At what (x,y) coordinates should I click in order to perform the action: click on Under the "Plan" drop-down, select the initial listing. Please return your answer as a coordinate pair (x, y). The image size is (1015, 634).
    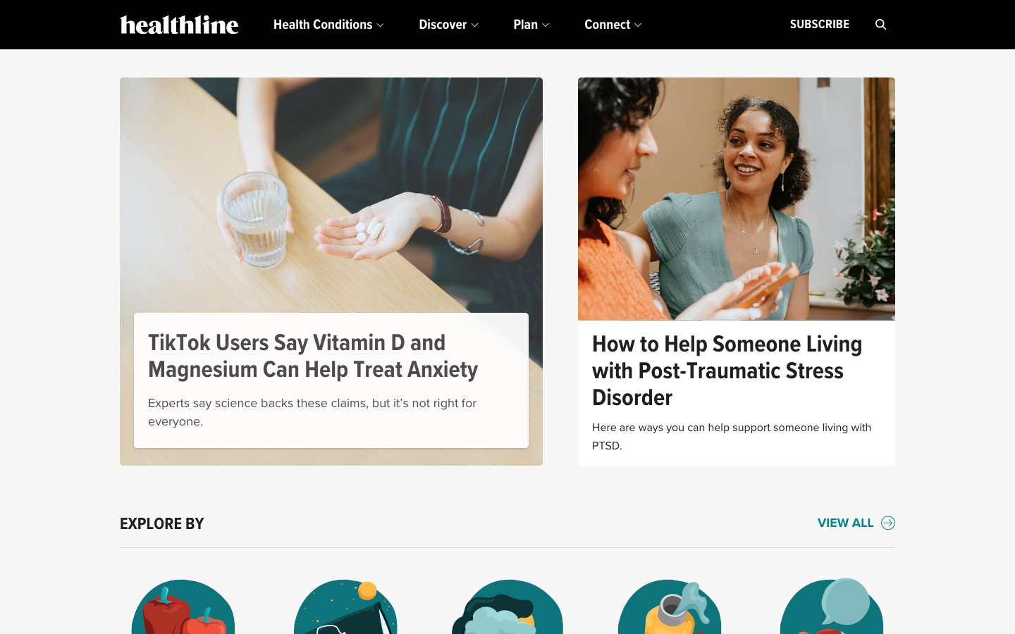
    Looking at the image, I should click on (530, 24).